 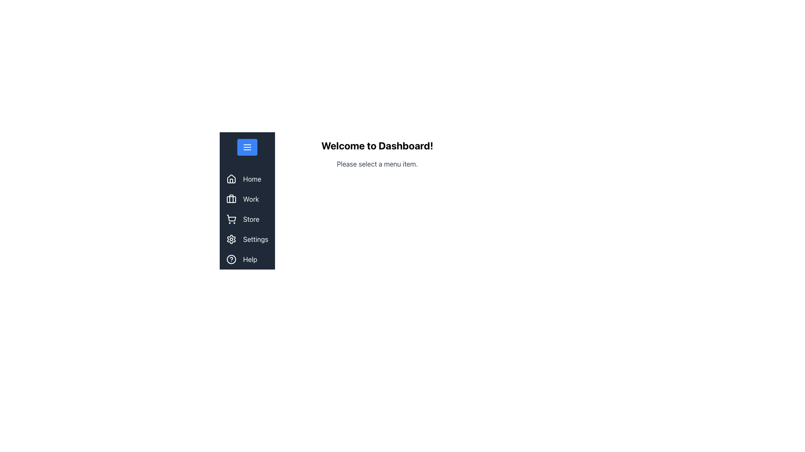 What do you see at coordinates (251, 219) in the screenshot?
I see `the 'Store' static text label in the vertical sidebar menu, which is located beneath the 'Work' label and above the 'Settings' label` at bounding box center [251, 219].